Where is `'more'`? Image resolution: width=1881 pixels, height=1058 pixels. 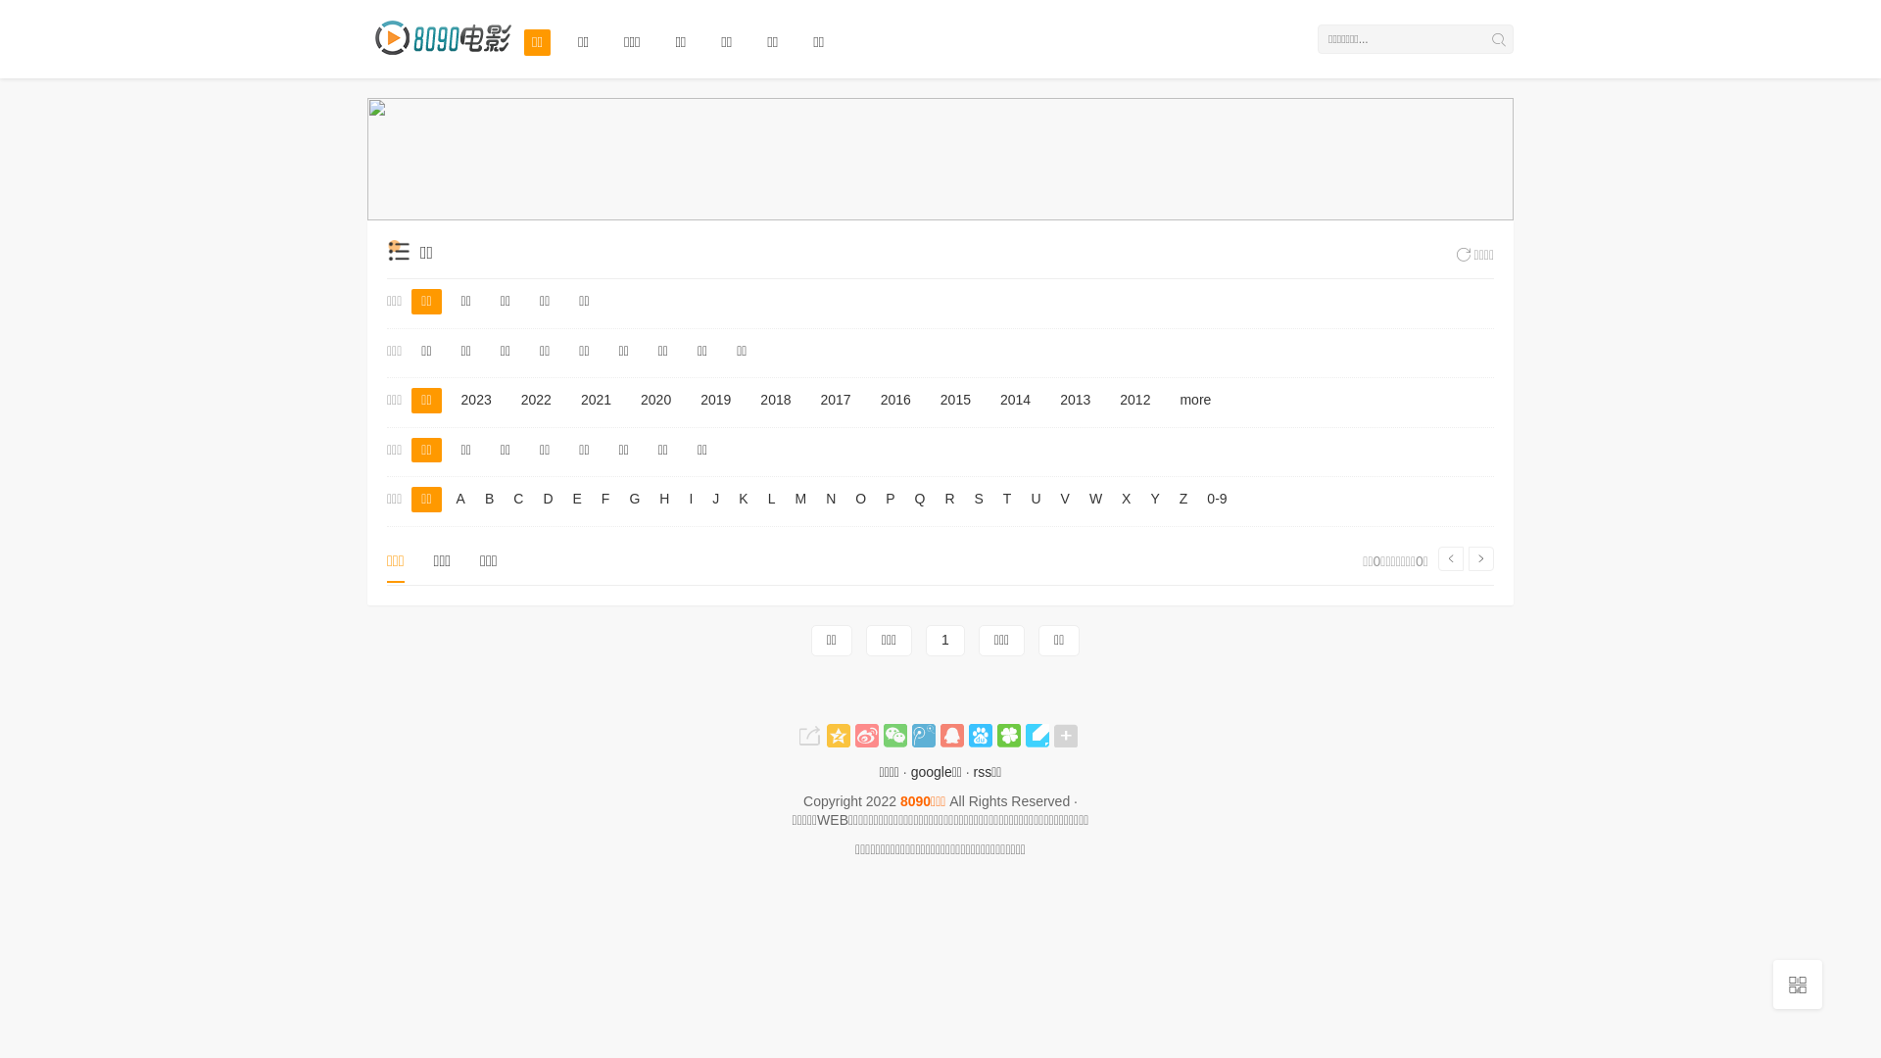 'more' is located at coordinates (1170, 399).